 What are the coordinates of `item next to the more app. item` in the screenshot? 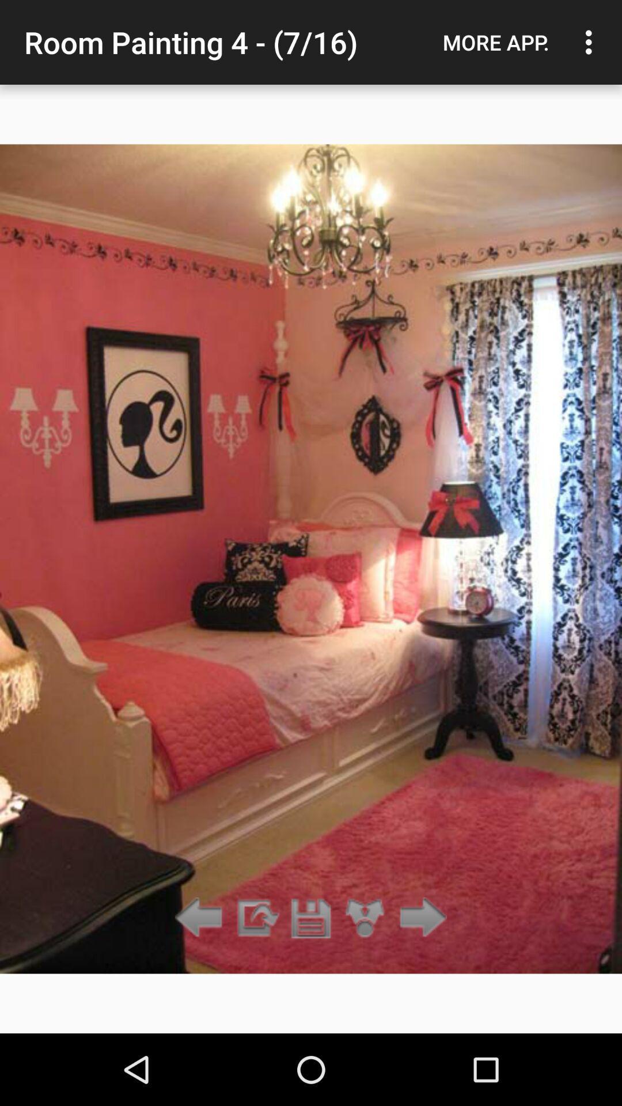 It's located at (591, 42).